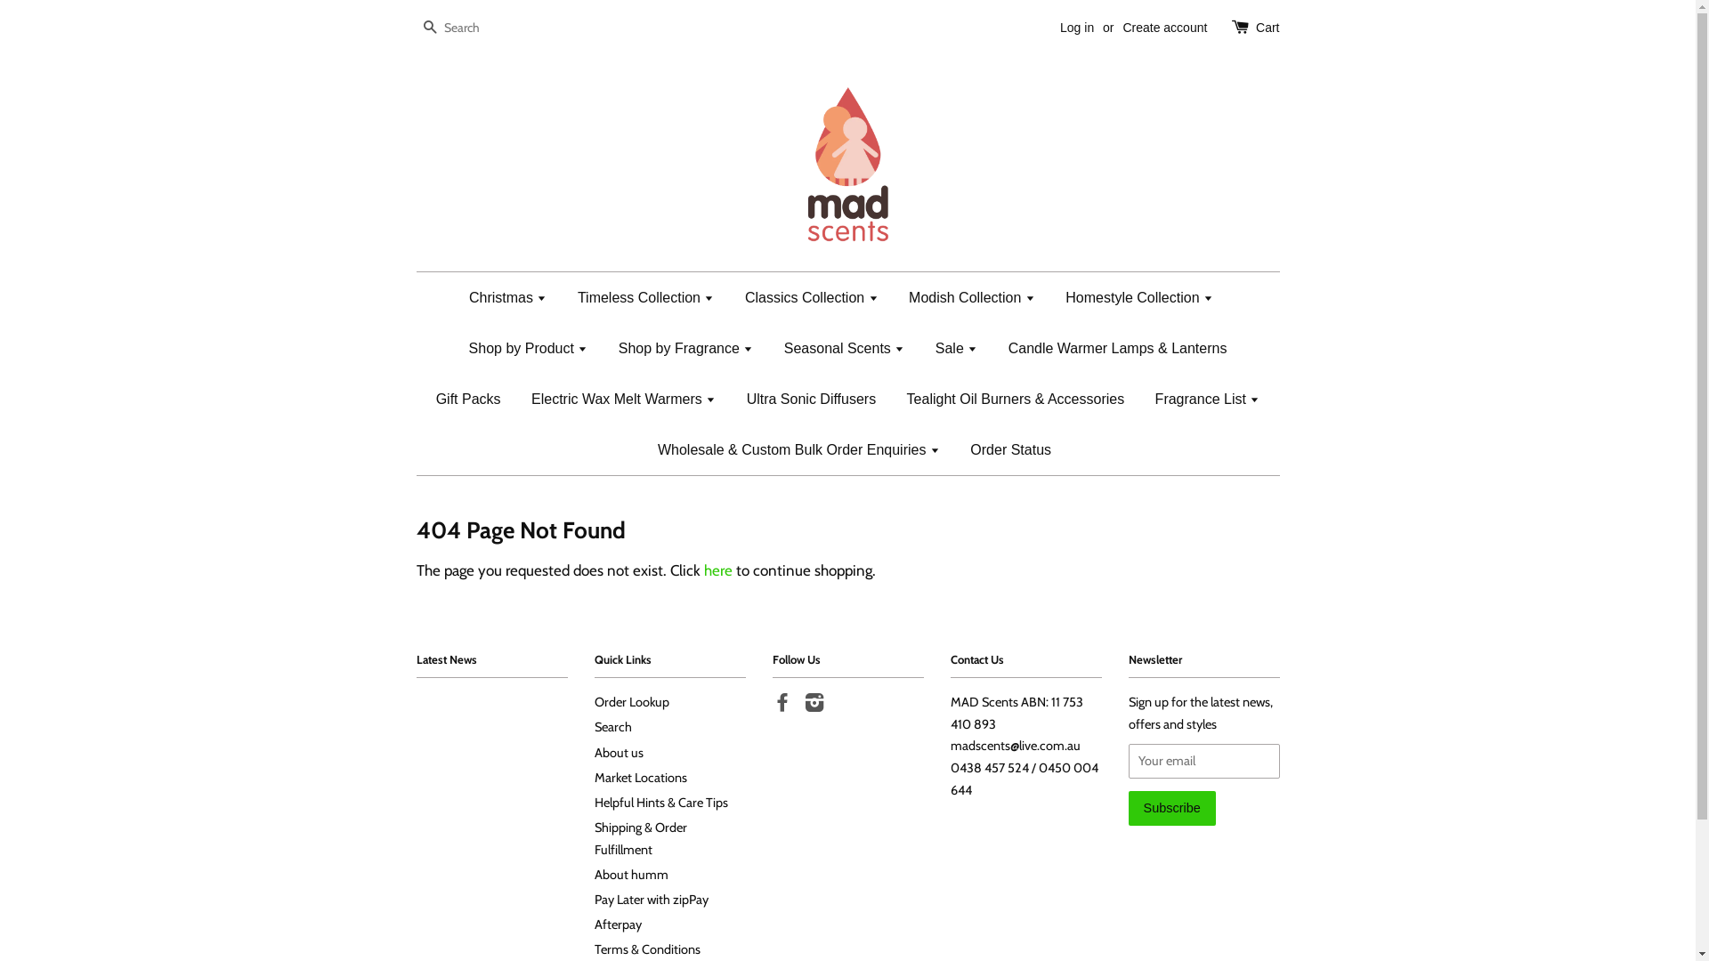 The height and width of the screenshot is (961, 1709). Describe the element at coordinates (644, 296) in the screenshot. I see `'Timeless Collection'` at that location.